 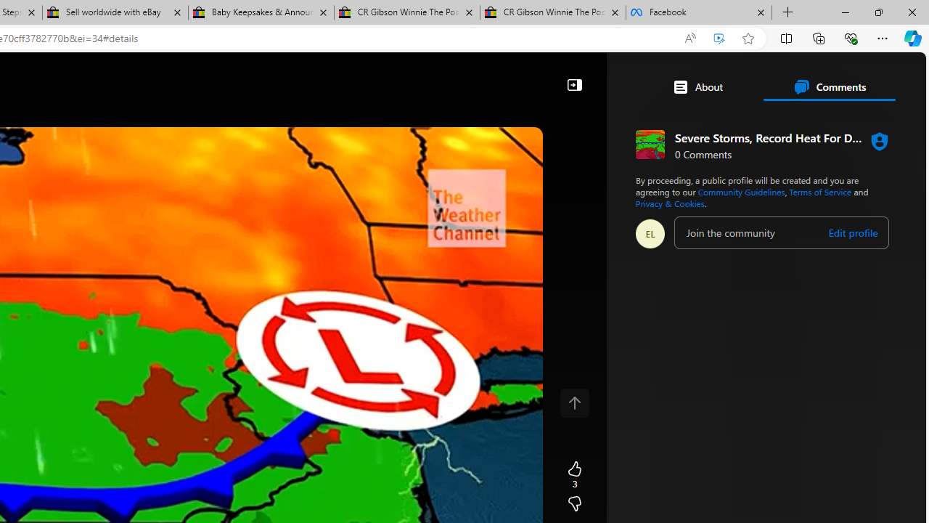 What do you see at coordinates (669, 203) in the screenshot?
I see `'Privacy & Cookies'` at bounding box center [669, 203].